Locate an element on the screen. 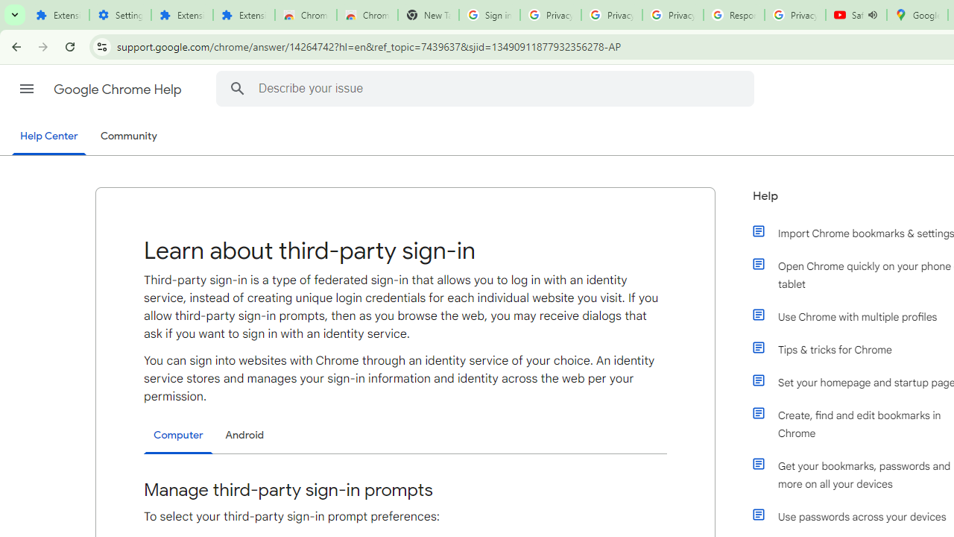 This screenshot has width=954, height=537. 'Settings' is located at coordinates (120, 15).